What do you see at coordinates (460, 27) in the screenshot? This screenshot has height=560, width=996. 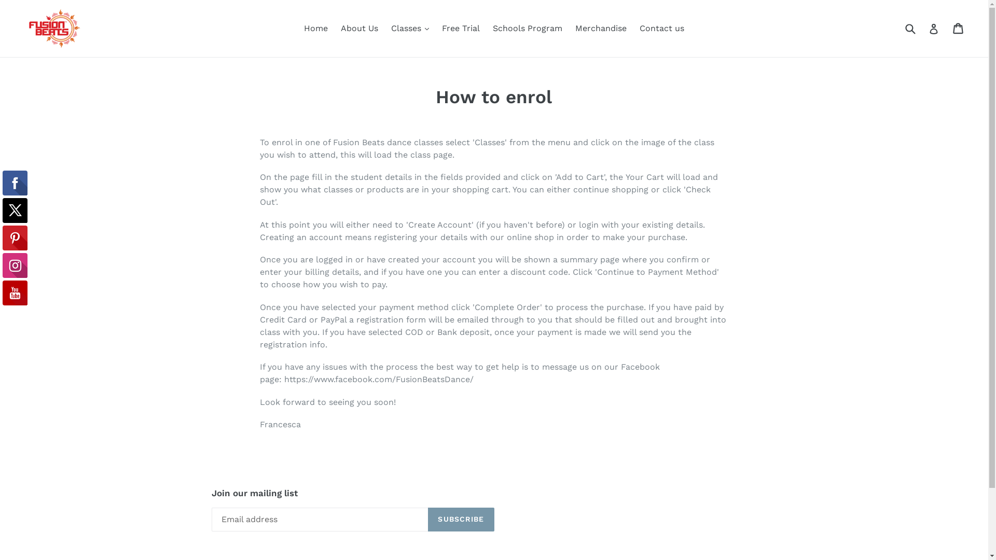 I see `'Free Trial'` at bounding box center [460, 27].